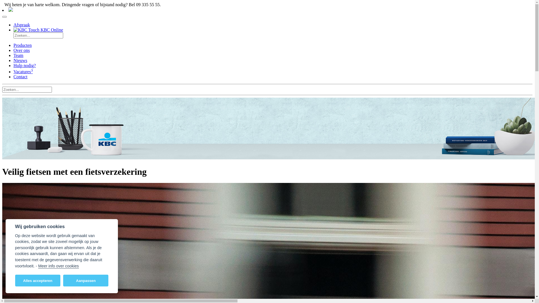  What do you see at coordinates (38, 30) in the screenshot?
I see `' KBC Online'` at bounding box center [38, 30].